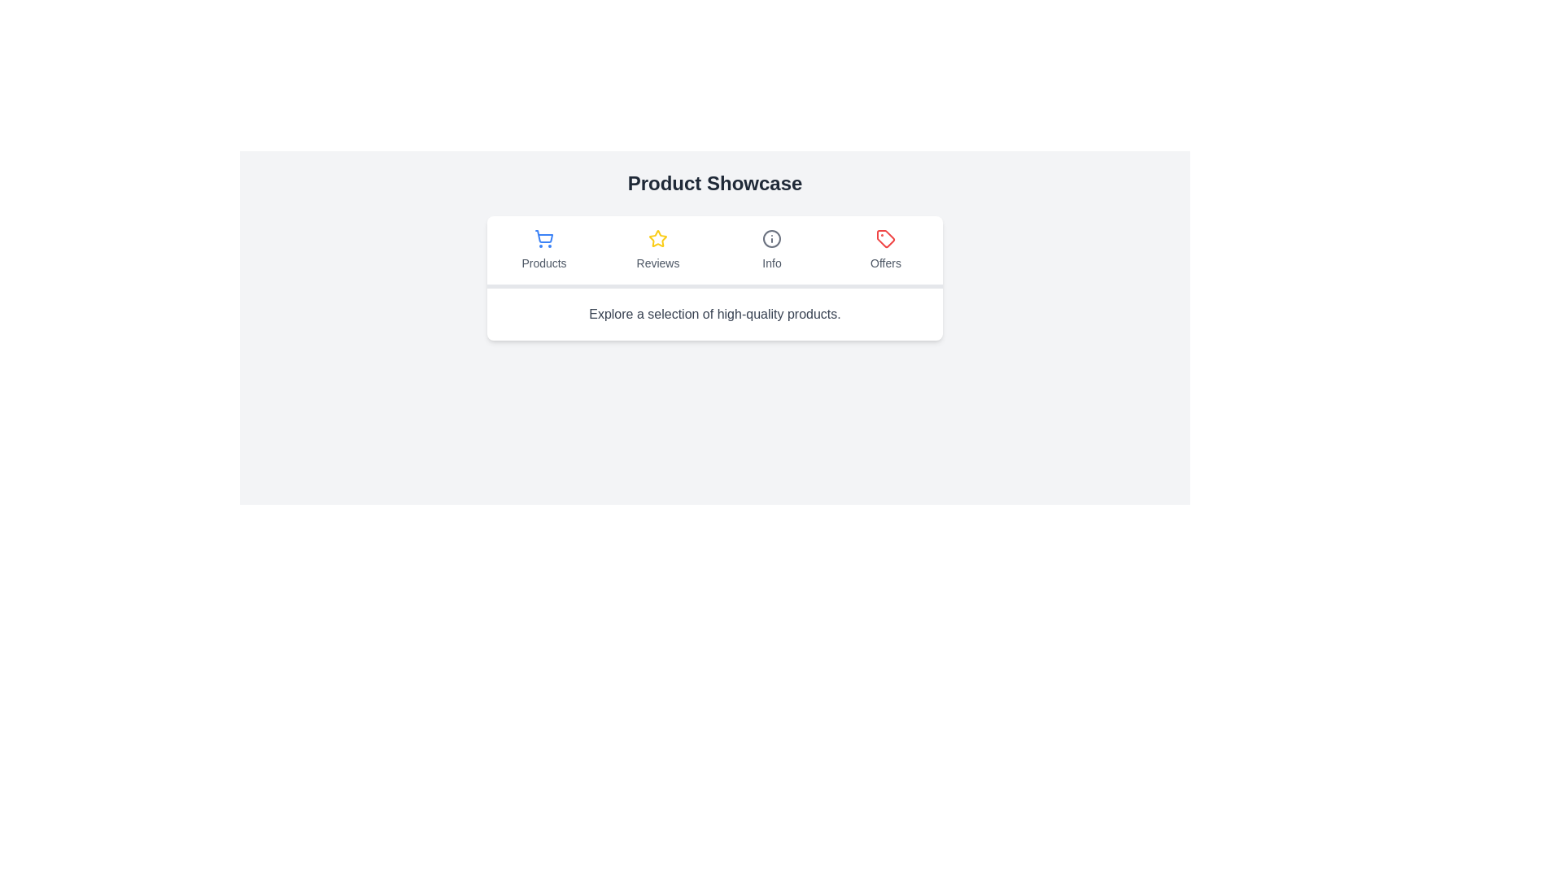 The image size is (1562, 878). What do you see at coordinates (885, 263) in the screenshot?
I see `text label that identifies the purpose of the 'Offers' tab, located at the bottom-center of the 'Offers' tab section underneath the tag icon` at bounding box center [885, 263].